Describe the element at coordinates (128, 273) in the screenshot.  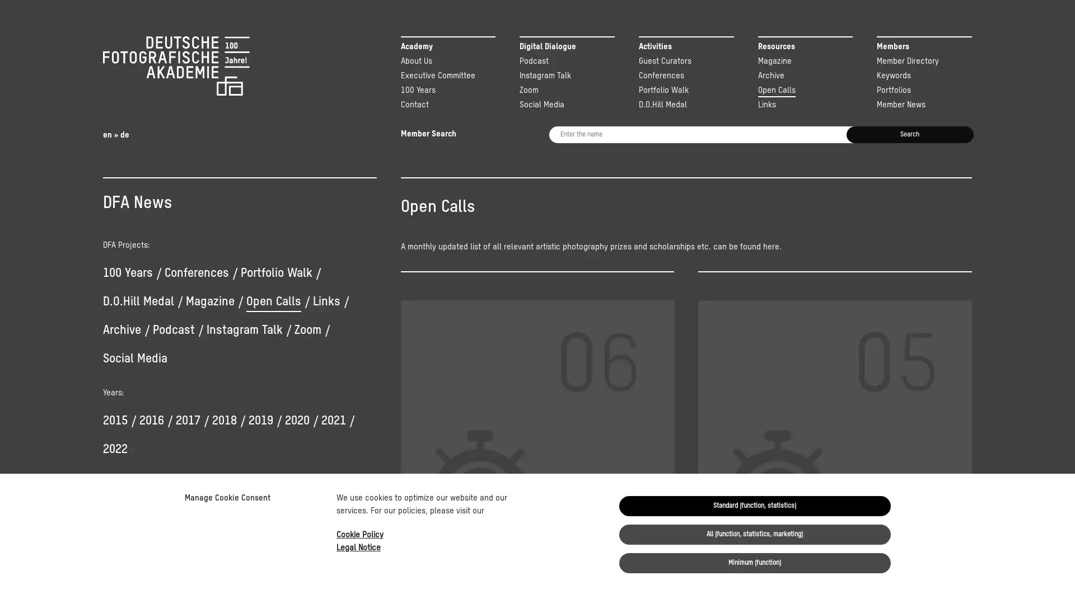
I see `100 Years` at that location.